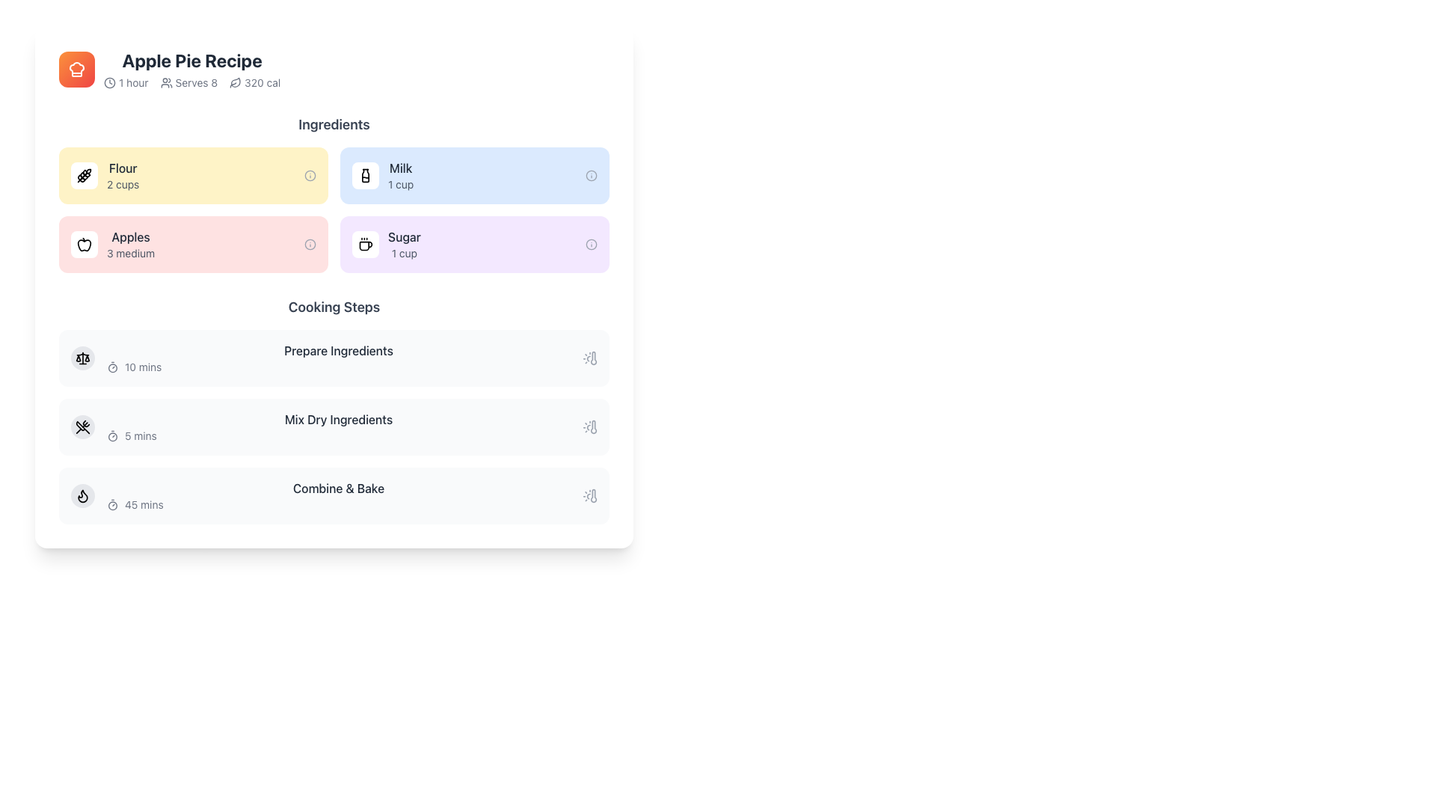 The height and width of the screenshot is (808, 1436). I want to click on the visual representation of the outer circular shape of the informational icon located in the top-right corner of the yellow ingredient card labeled 'Flour' within the 'Ingredients' section, so click(309, 175).